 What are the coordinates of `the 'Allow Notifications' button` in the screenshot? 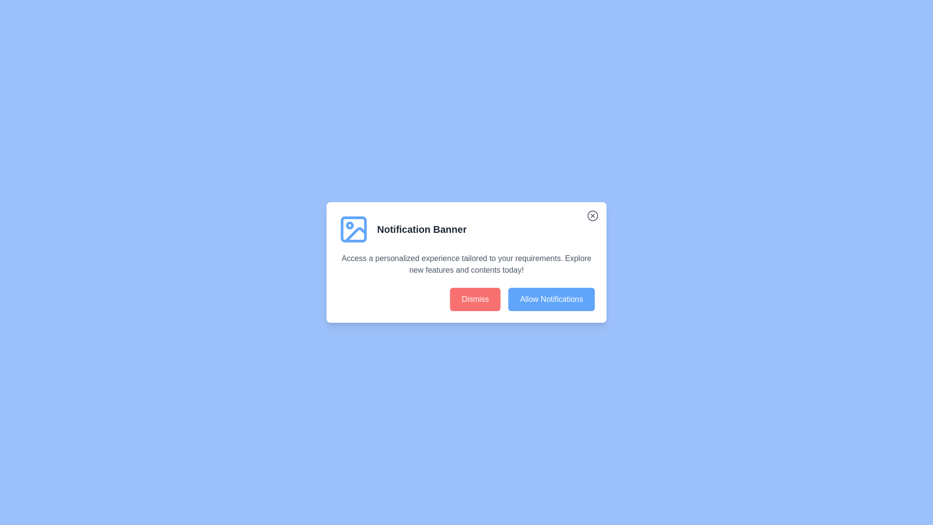 It's located at (551, 299).